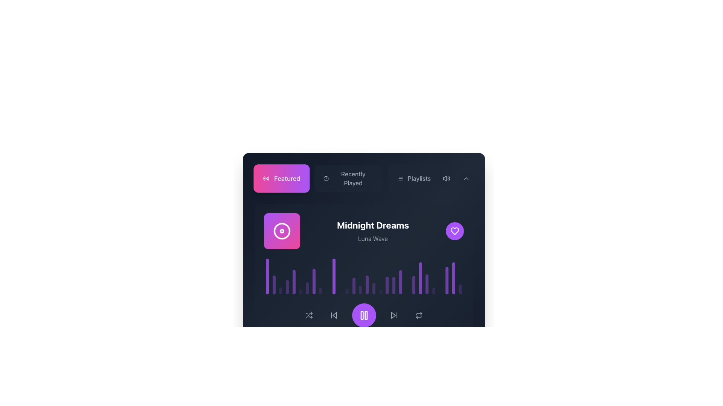 The height and width of the screenshot is (406, 723). What do you see at coordinates (367, 285) in the screenshot?
I see `the 16th vertical bar in the bar chart, which has a rounded top and bottom and is styled in semi-transparent purple color` at bounding box center [367, 285].